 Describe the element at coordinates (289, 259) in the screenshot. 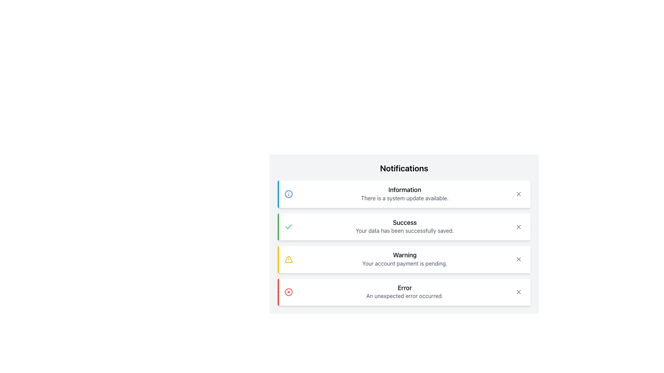

I see `the warning icon located at the left side of the 'Warning' notification box, which is the leftmost component preceding the text content` at that location.